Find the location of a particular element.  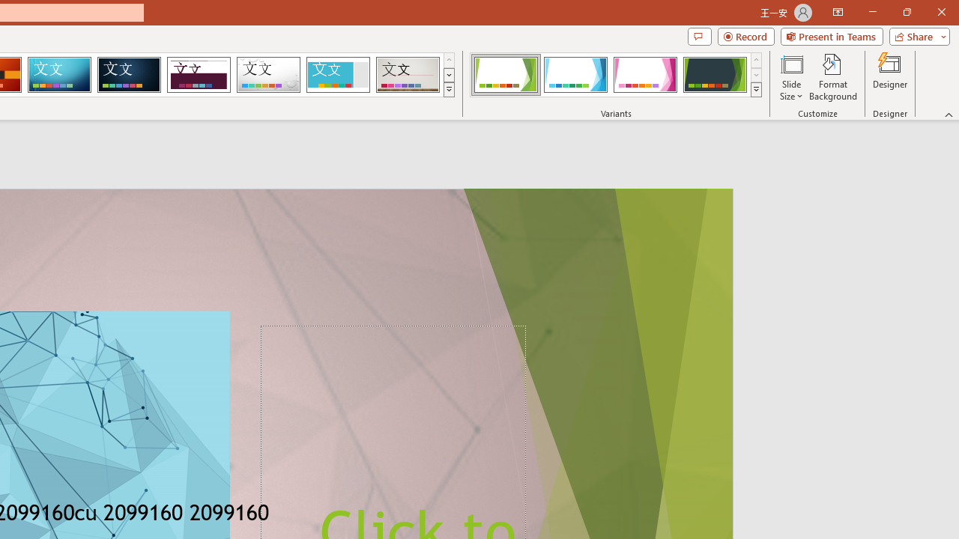

'Slide Size' is located at coordinates (790, 77).